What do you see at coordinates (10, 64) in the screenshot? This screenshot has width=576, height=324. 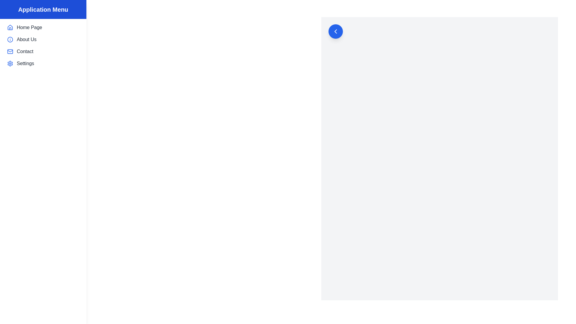 I see `the 'Settings' icon in the side navigation bar` at bounding box center [10, 64].